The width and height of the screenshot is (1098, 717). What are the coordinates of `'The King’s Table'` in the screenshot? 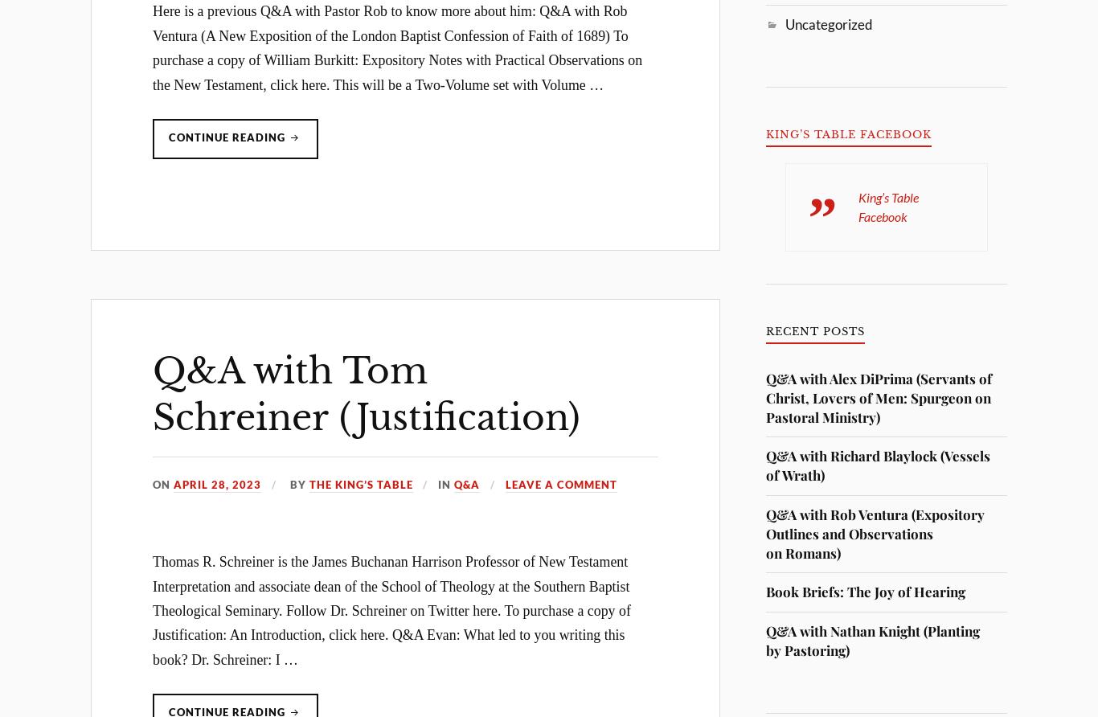 It's located at (359, 483).